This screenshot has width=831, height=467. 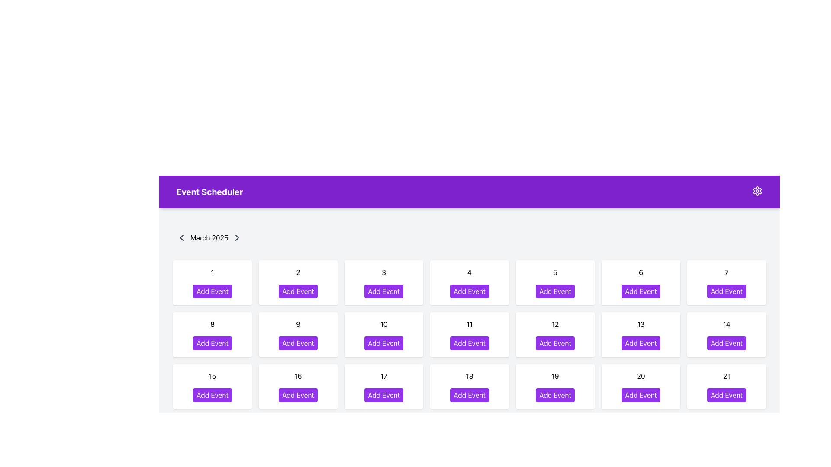 What do you see at coordinates (727, 386) in the screenshot?
I see `the Day box containing the text '21' and the purple 'Add Event' button in the calendar interface` at bounding box center [727, 386].